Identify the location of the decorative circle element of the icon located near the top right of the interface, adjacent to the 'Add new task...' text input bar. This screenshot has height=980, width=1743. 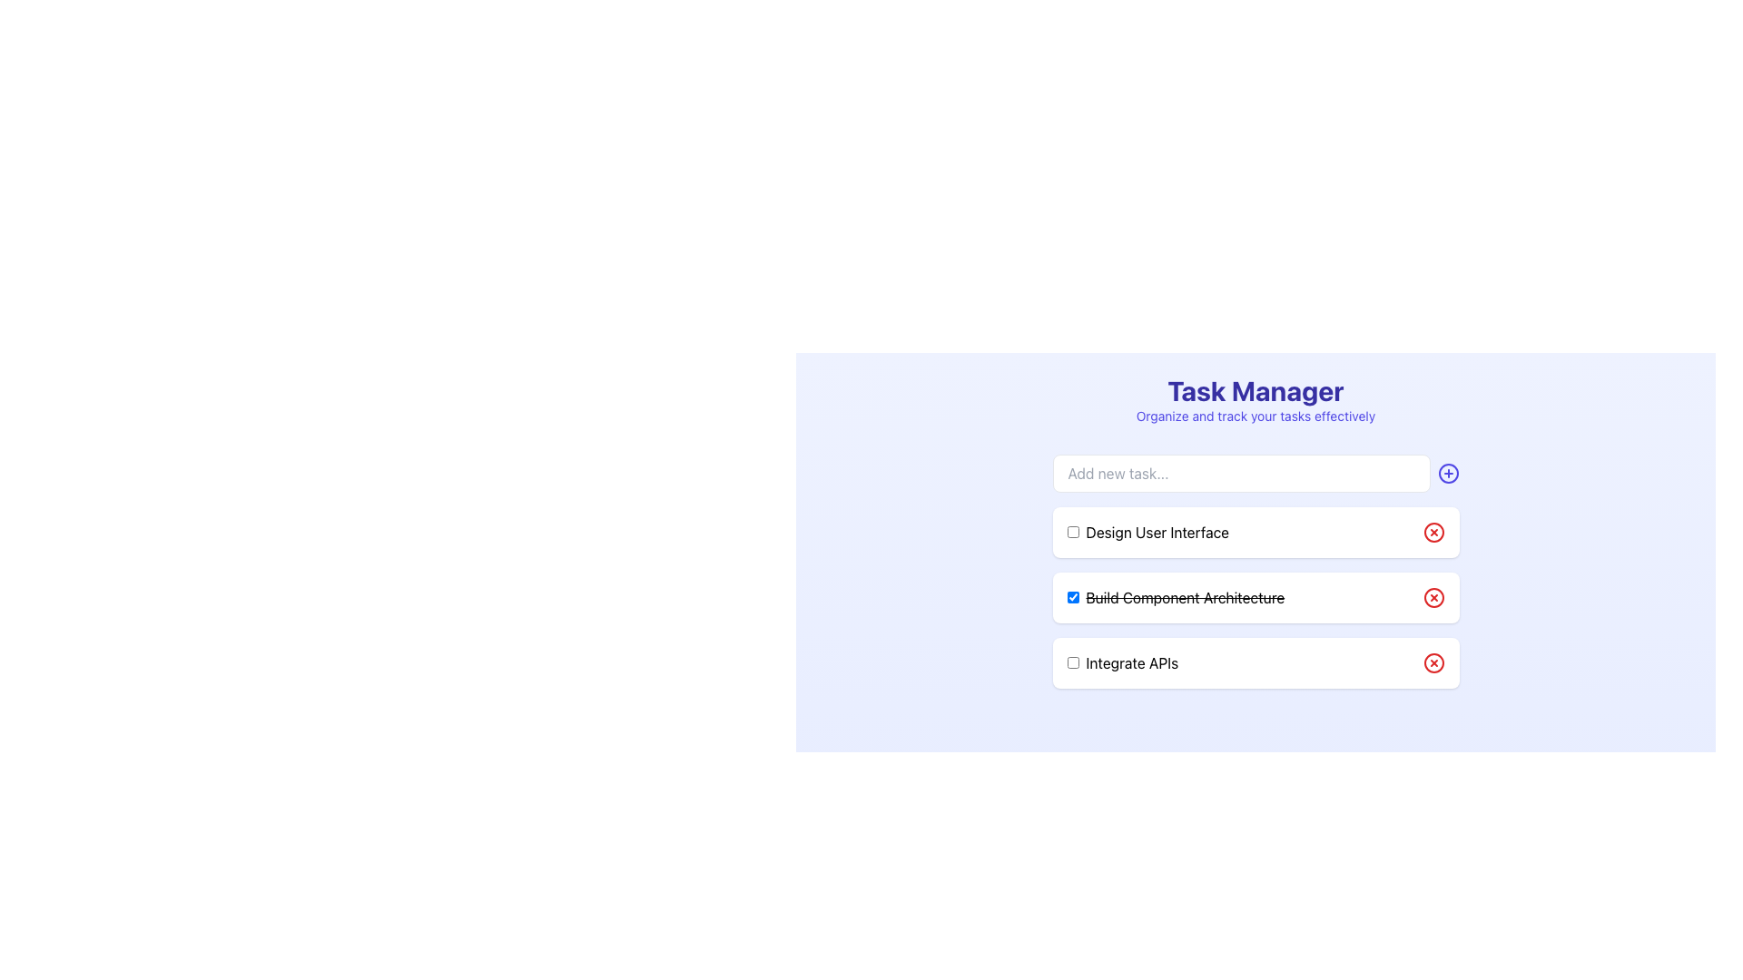
(1447, 472).